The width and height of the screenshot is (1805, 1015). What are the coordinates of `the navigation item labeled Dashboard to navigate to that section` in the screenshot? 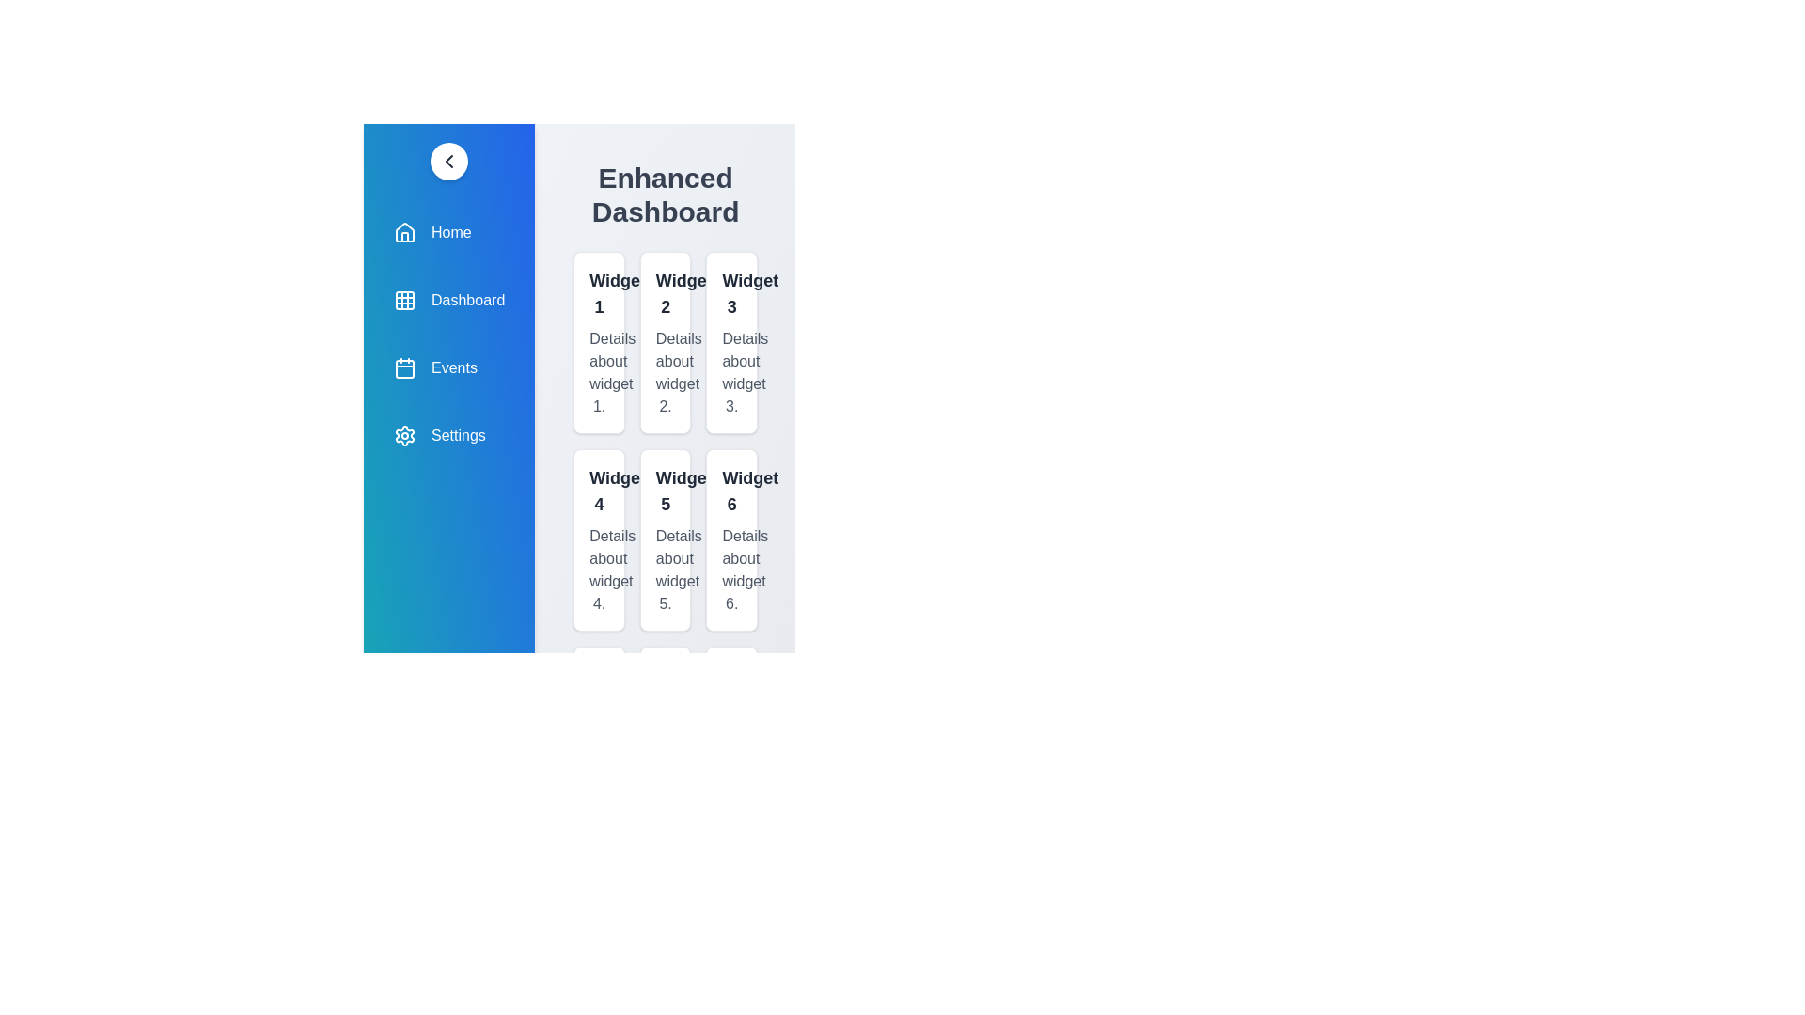 It's located at (448, 300).